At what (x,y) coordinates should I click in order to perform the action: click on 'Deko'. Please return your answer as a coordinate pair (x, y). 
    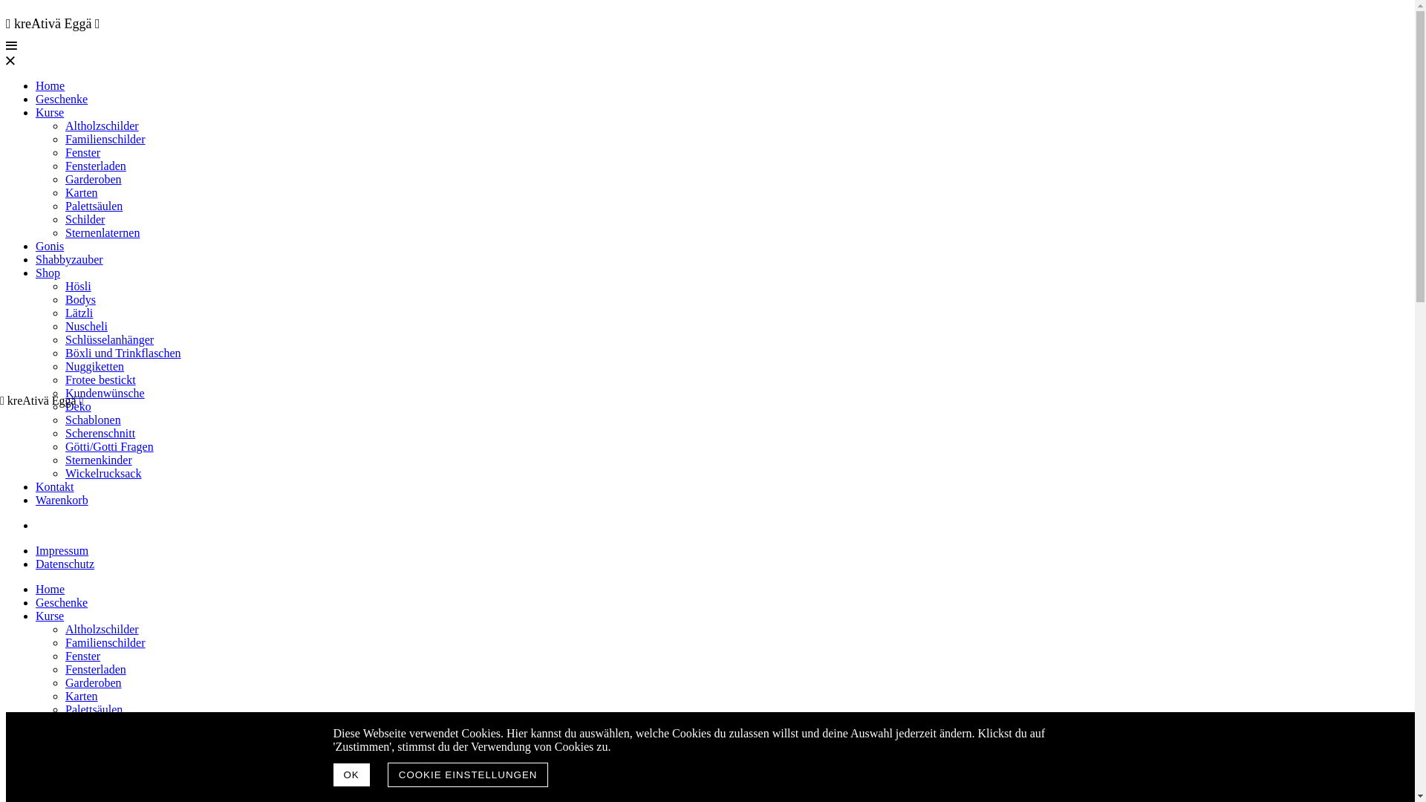
    Looking at the image, I should click on (77, 406).